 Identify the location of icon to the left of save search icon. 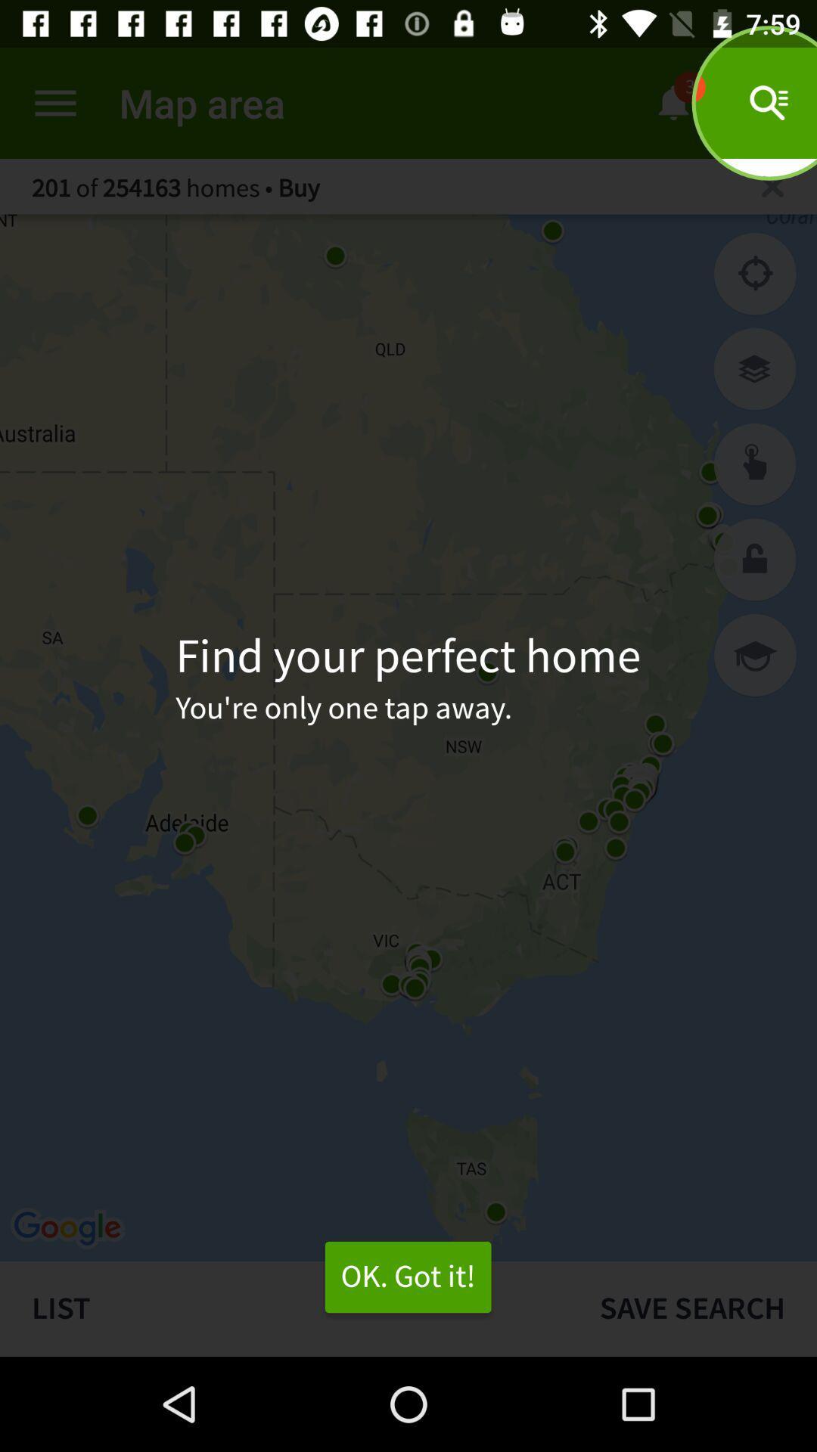
(407, 1277).